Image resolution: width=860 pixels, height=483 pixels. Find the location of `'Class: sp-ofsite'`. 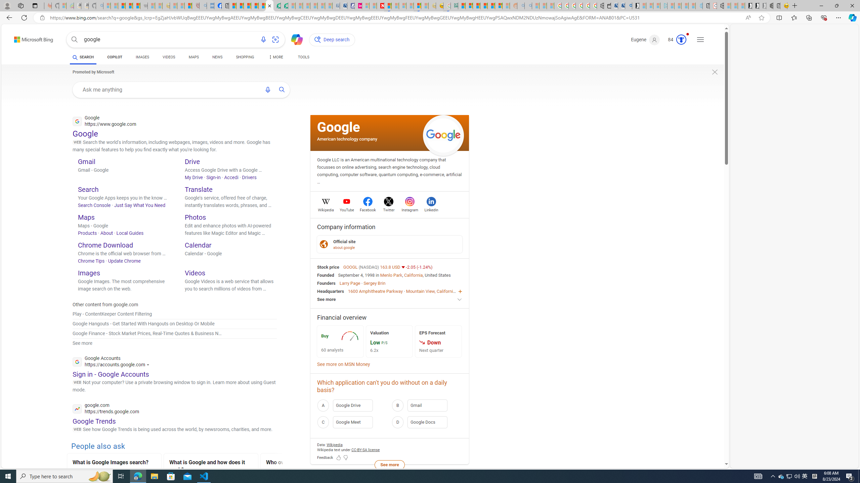

'Class: sp-ofsite' is located at coordinates (323, 244).